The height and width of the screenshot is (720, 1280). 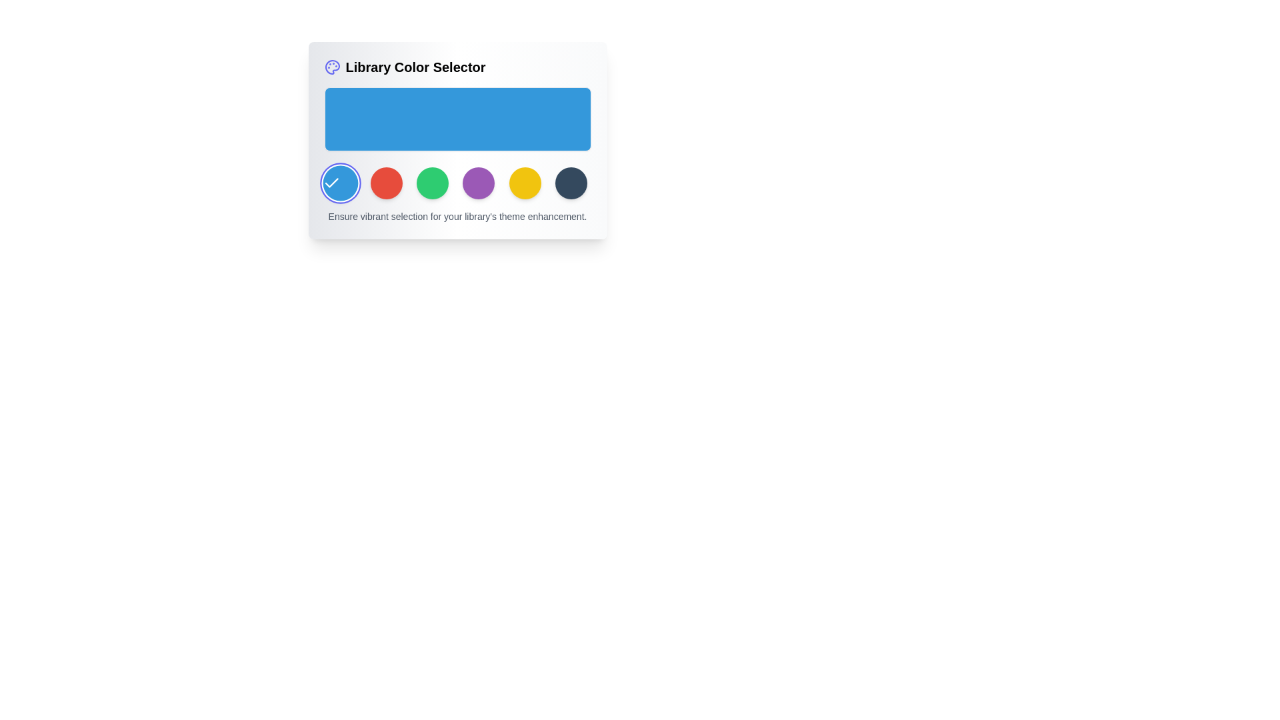 I want to click on the color palette icon in the 'Library Color Selector' section, which is the first component on the left beside the text label, so click(x=332, y=67).